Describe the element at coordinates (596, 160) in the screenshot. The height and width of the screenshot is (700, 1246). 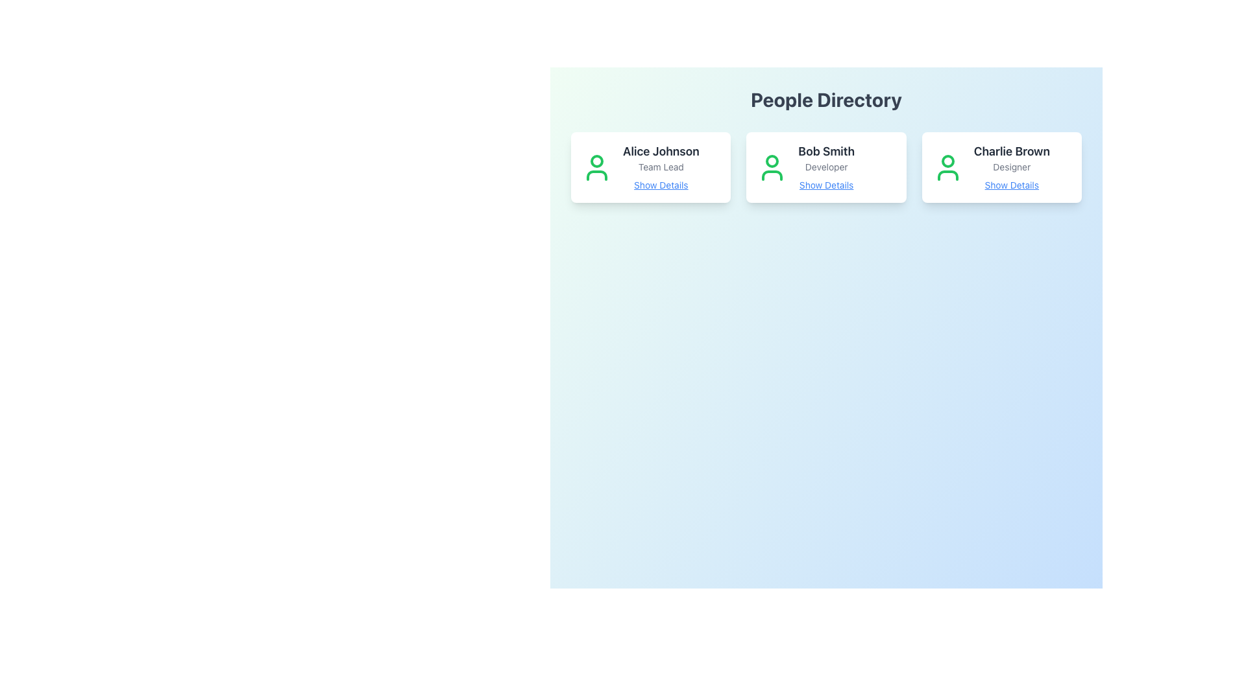
I see `the small circle representing the head component of Alice Johnson's user profile icon, located at the top of the leftmost profile card in the People Directory section` at that location.